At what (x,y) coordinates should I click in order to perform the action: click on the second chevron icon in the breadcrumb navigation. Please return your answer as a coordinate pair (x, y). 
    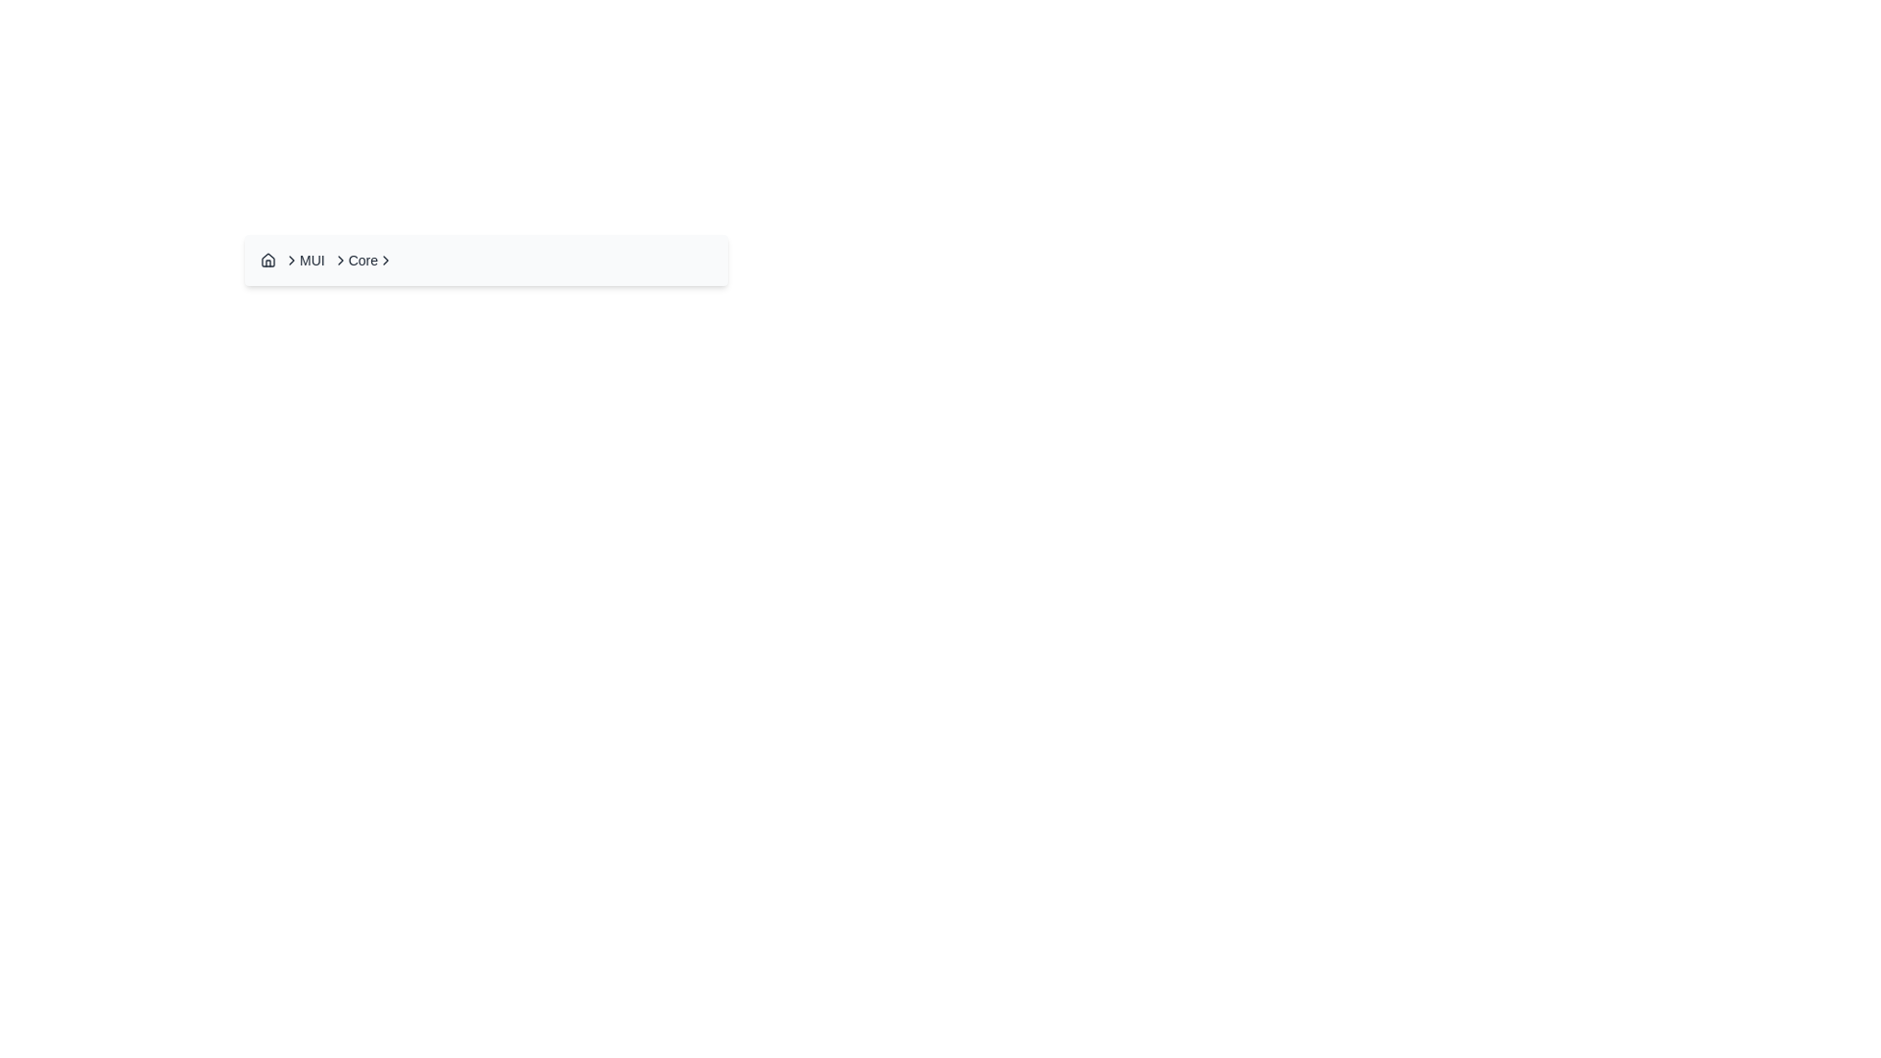
    Looking at the image, I should click on (340, 260).